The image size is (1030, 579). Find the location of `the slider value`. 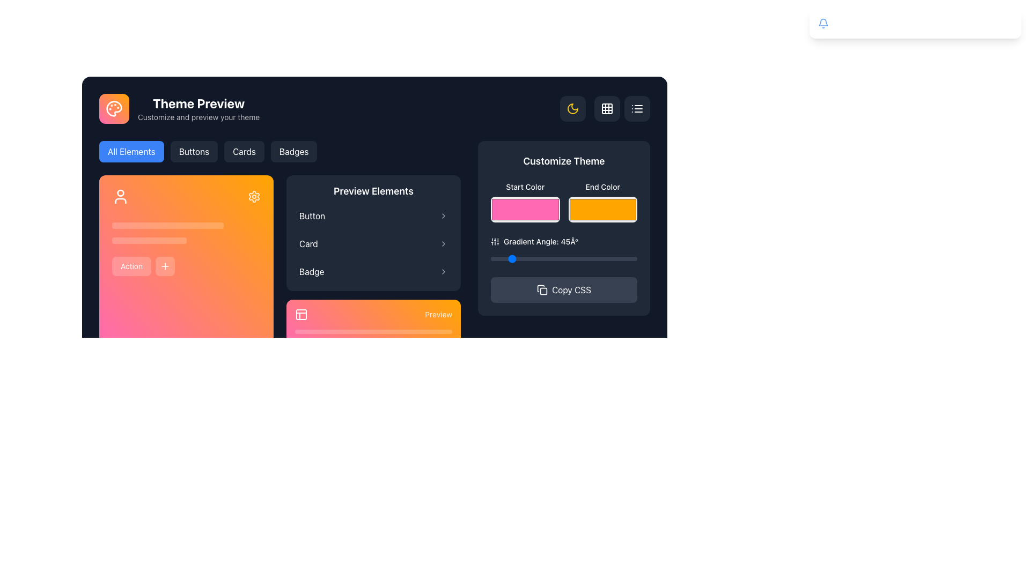

the slider value is located at coordinates (594, 258).